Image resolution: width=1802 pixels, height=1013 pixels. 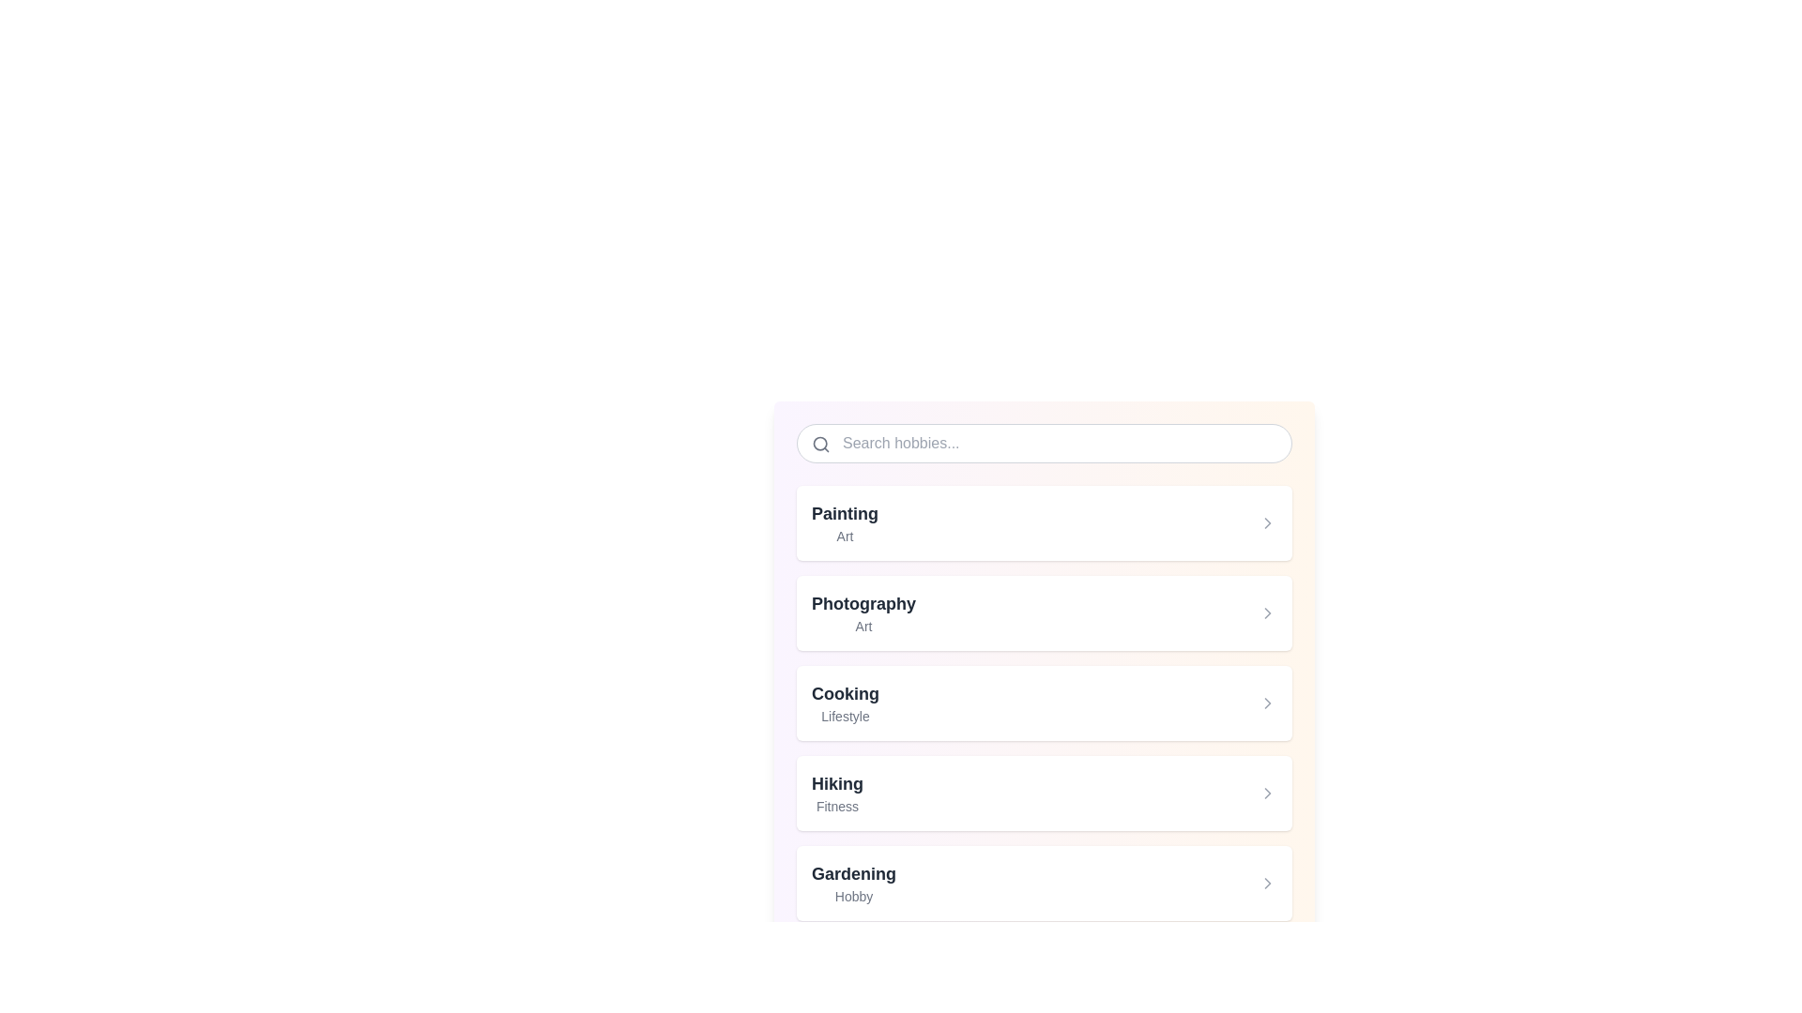 What do you see at coordinates (1044, 523) in the screenshot?
I see `the center of the 'Painting' and 'Art' card button, which is the first item in a vertical list of cards located below the search box` at bounding box center [1044, 523].